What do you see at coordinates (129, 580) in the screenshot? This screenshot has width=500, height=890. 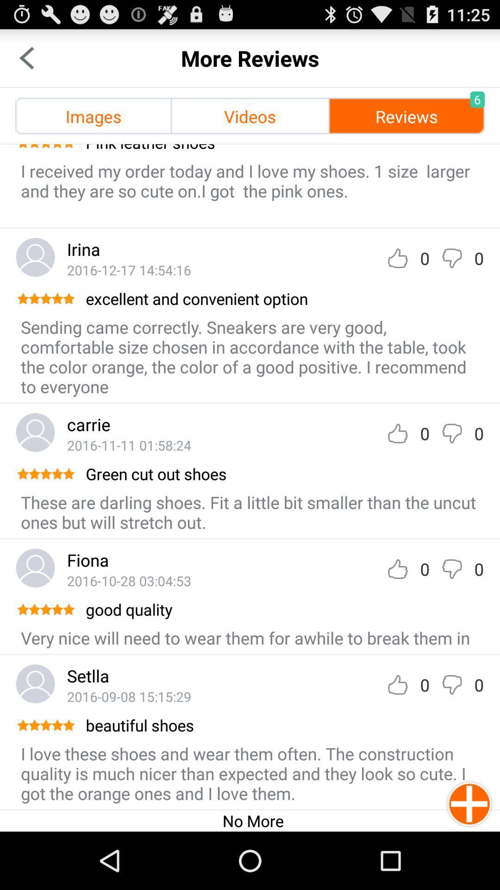 I see `icon above the good quality item` at bounding box center [129, 580].